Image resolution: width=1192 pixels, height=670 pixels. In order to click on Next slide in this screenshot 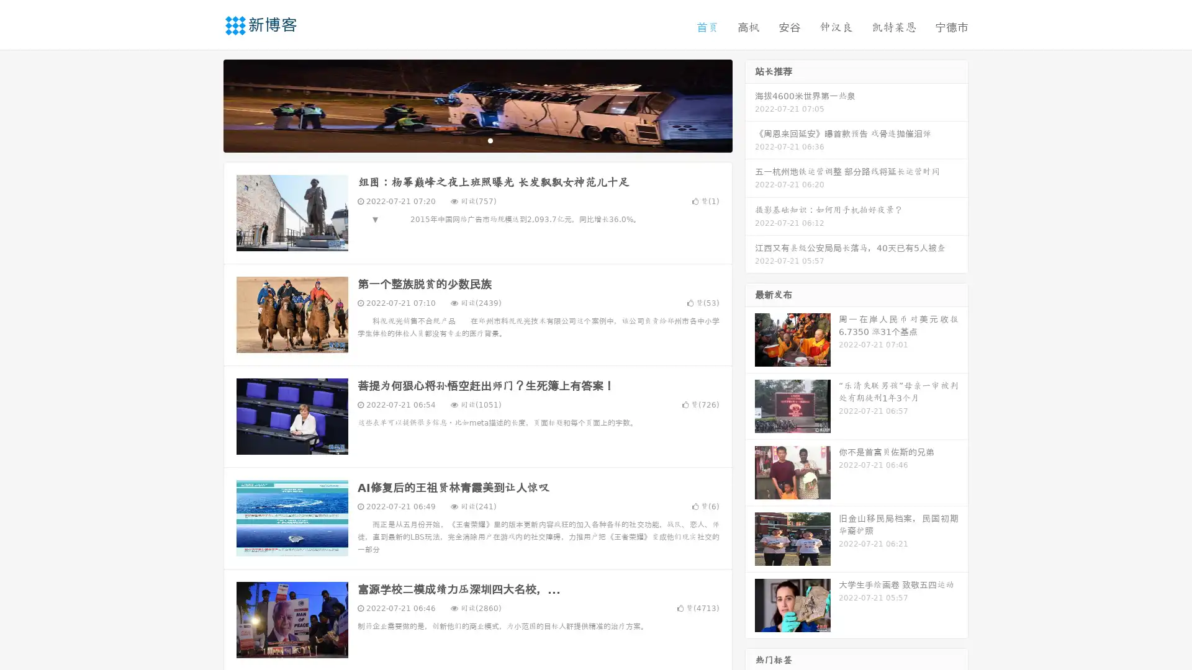, I will do `click(750, 104)`.